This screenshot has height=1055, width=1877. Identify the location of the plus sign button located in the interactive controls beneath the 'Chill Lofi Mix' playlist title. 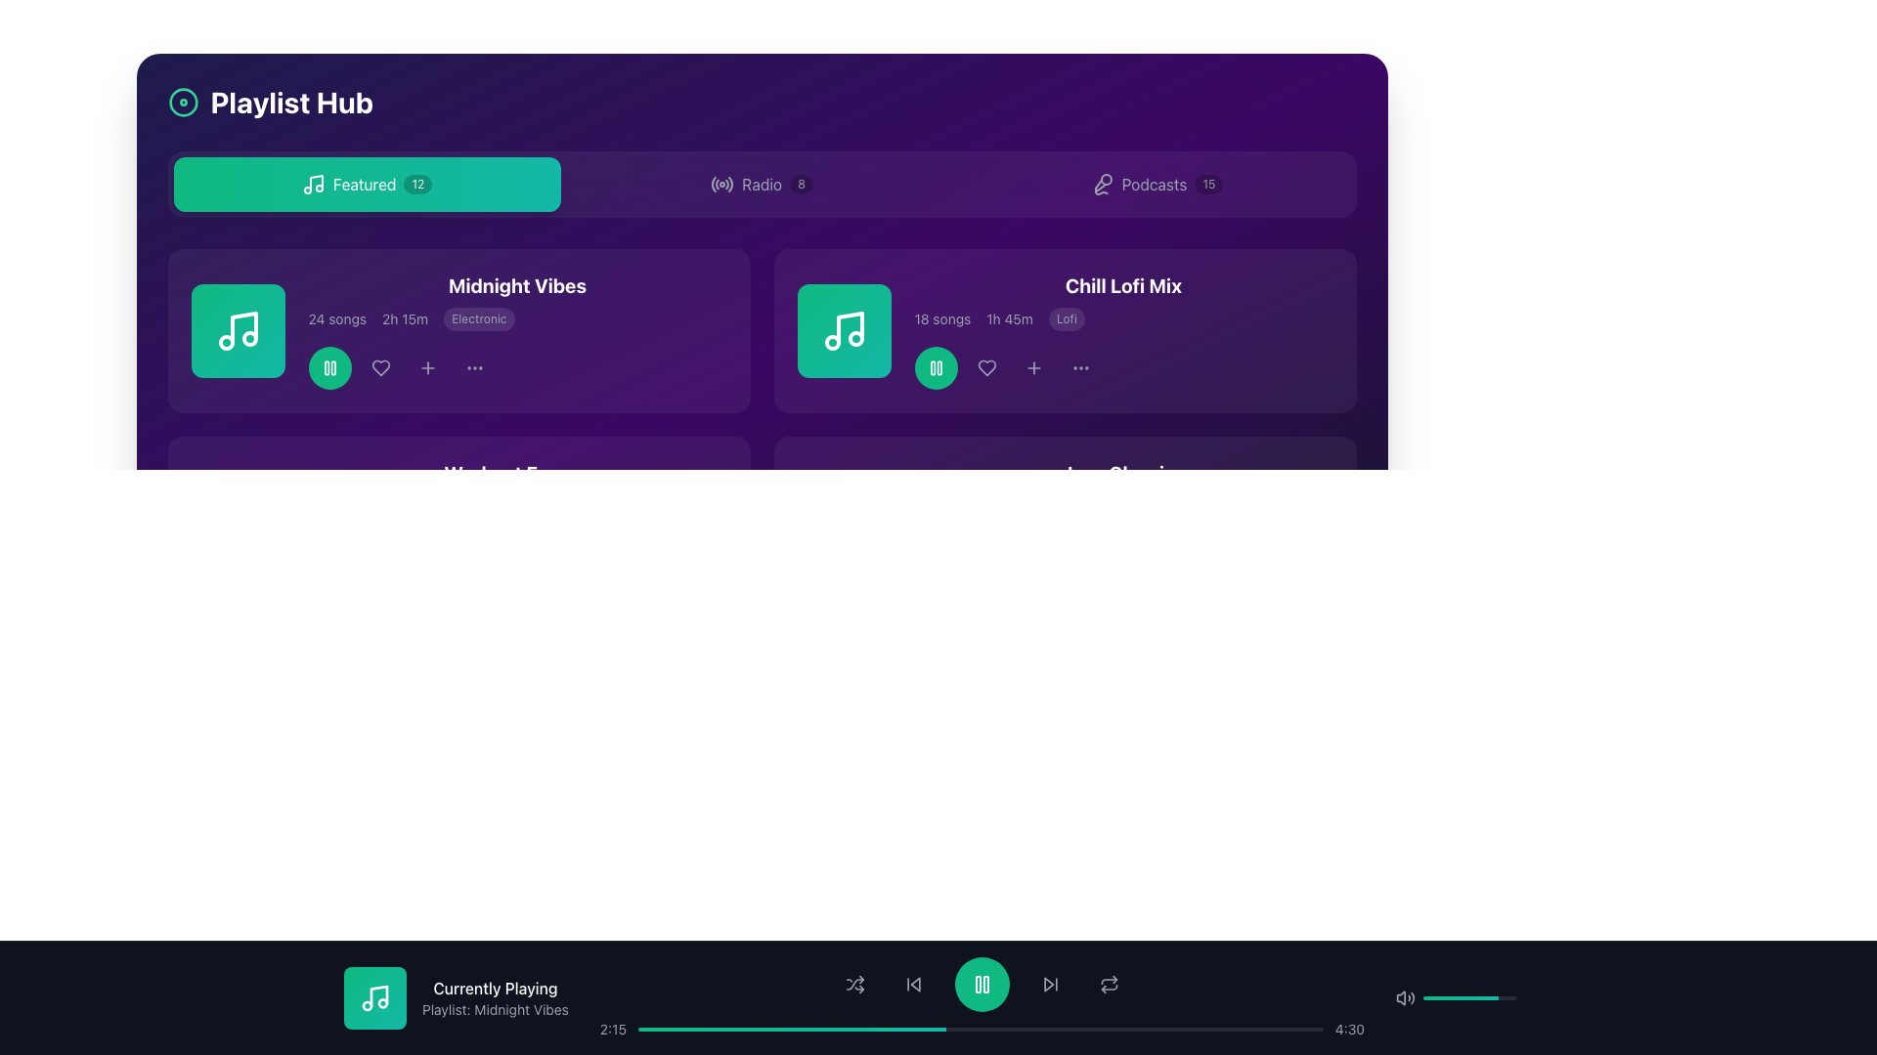
(1032, 368).